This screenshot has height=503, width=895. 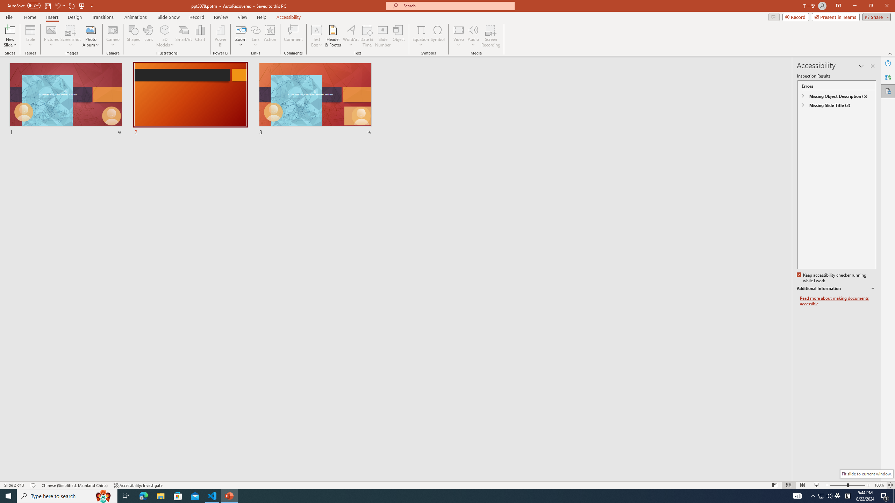 What do you see at coordinates (72, 5) in the screenshot?
I see `'Redo'` at bounding box center [72, 5].